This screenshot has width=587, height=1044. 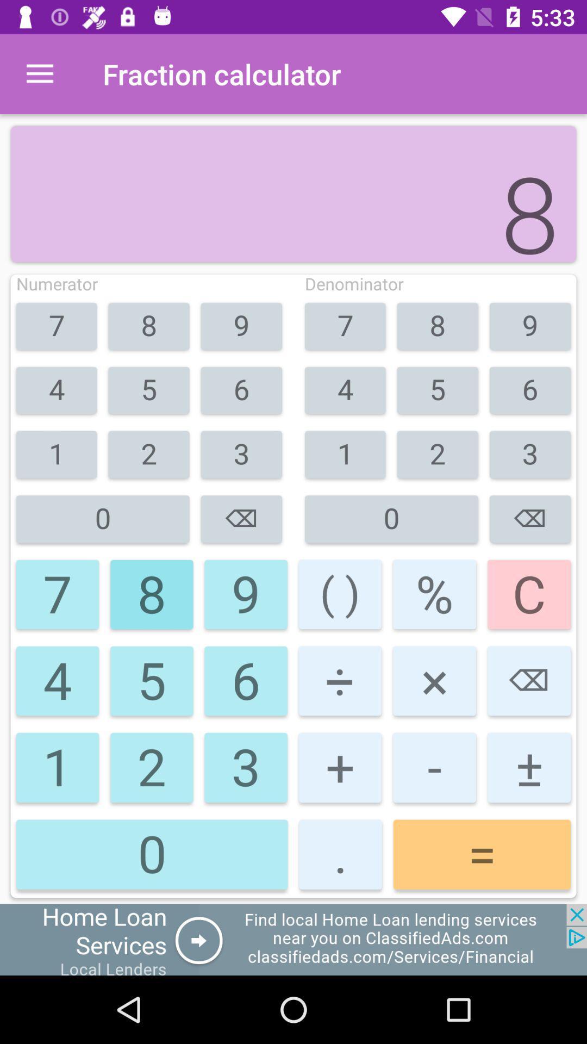 I want to click on open advertisement, so click(x=293, y=939).